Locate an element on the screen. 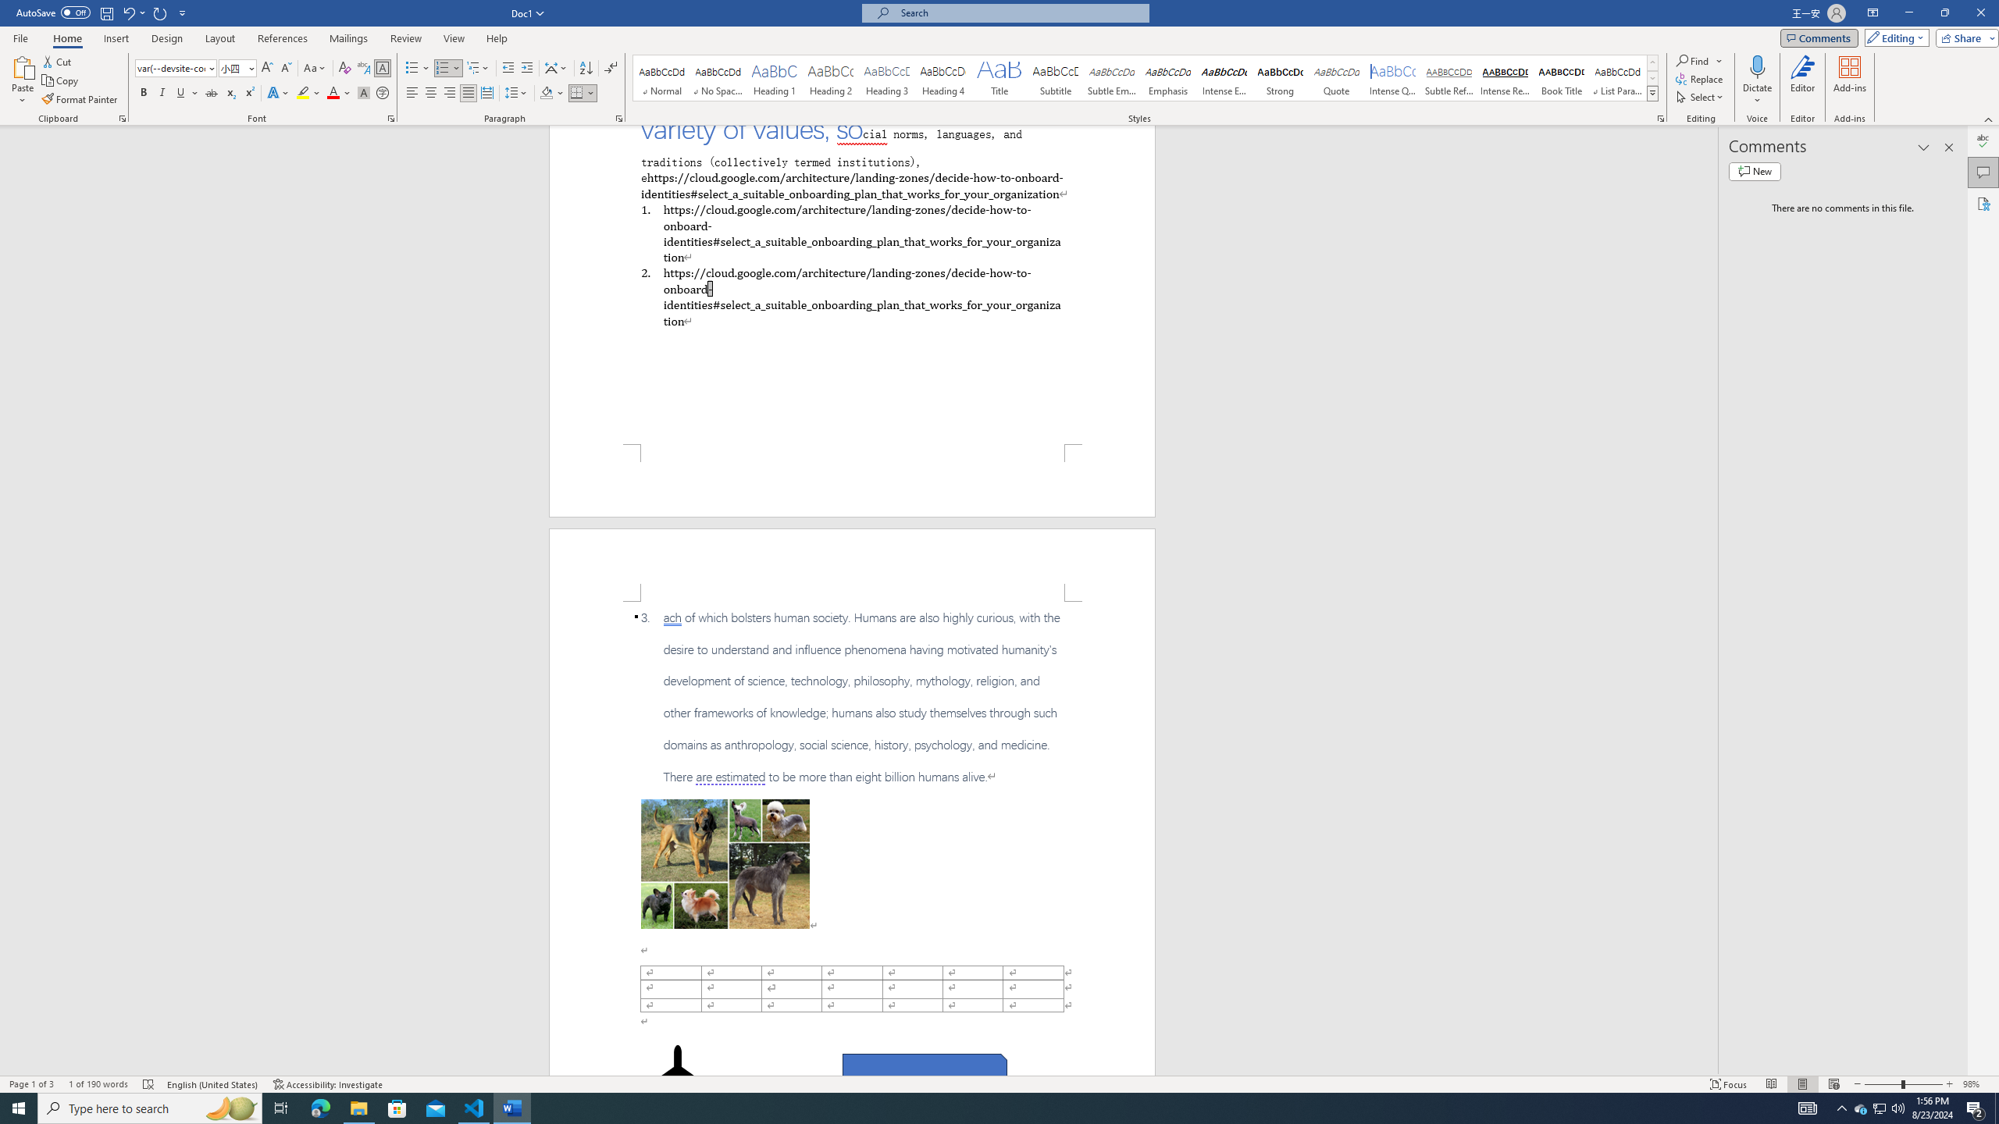  'AutomationID: QuickStylesGallery' is located at coordinates (1146, 77).